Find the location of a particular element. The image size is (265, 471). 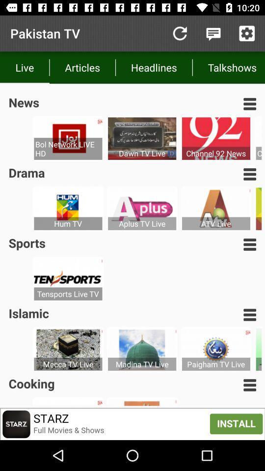

the icon below sports item is located at coordinates (67, 294).